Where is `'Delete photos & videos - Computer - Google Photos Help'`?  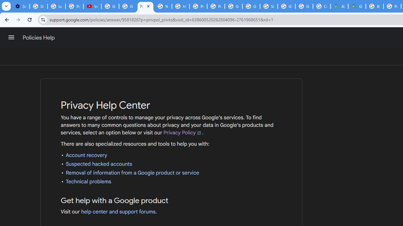 'Delete photos & videos - Computer - Google Photos Help' is located at coordinates (38, 6).